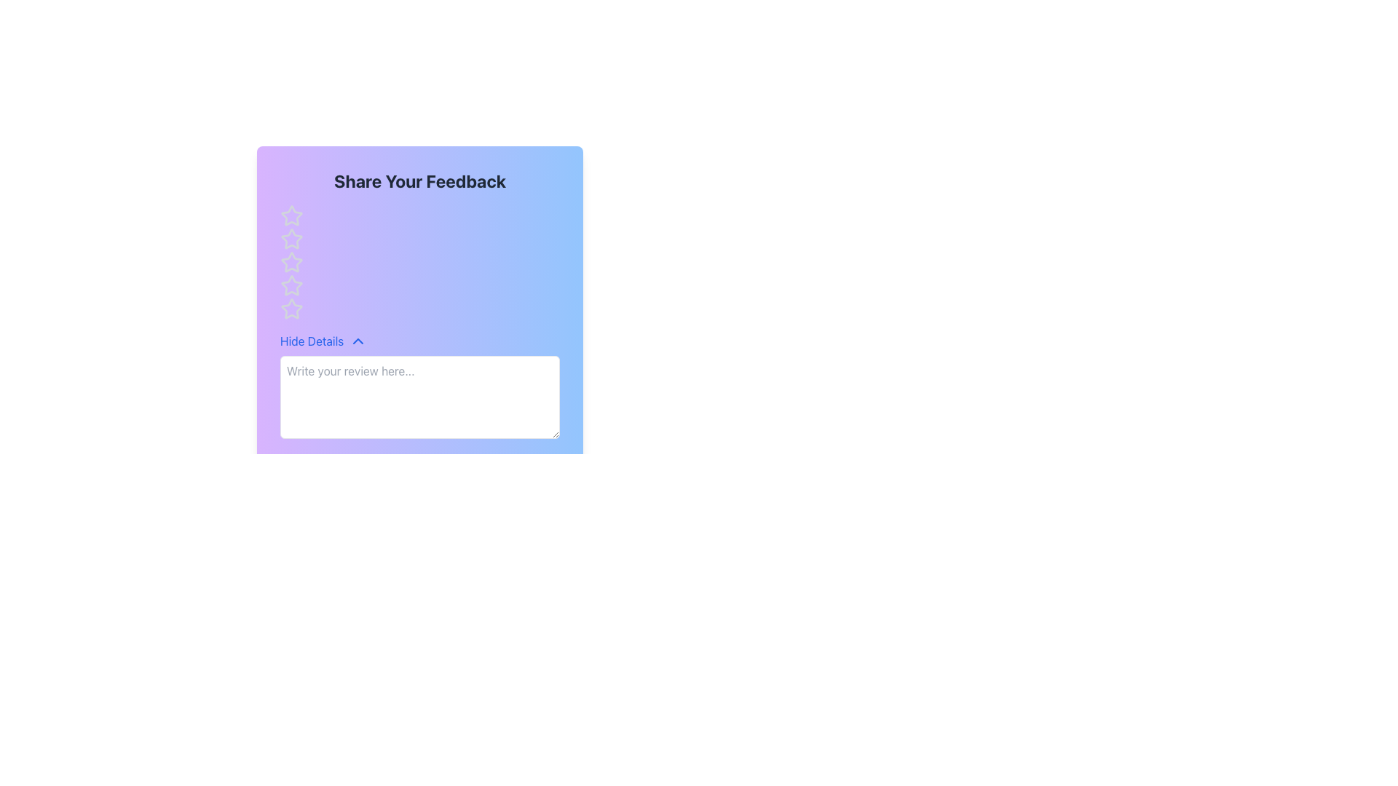 This screenshot has height=786, width=1398. What do you see at coordinates (323, 341) in the screenshot?
I see `the Button-like Interactive Text element that toggles additional details for the feedback form` at bounding box center [323, 341].